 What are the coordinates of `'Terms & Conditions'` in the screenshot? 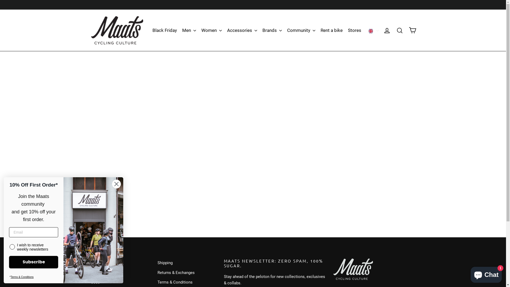 It's located at (22, 277).